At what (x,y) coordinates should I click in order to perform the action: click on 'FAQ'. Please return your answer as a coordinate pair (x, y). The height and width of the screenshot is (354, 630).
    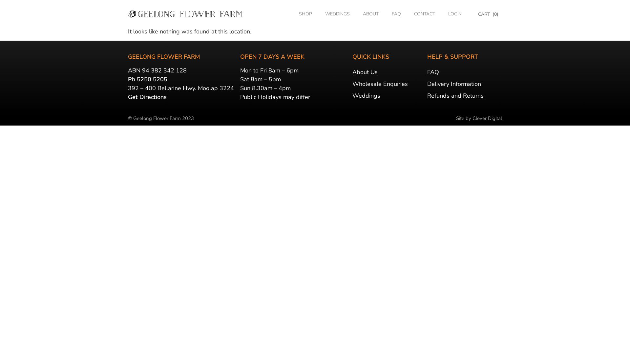
    Looking at the image, I should click on (396, 14).